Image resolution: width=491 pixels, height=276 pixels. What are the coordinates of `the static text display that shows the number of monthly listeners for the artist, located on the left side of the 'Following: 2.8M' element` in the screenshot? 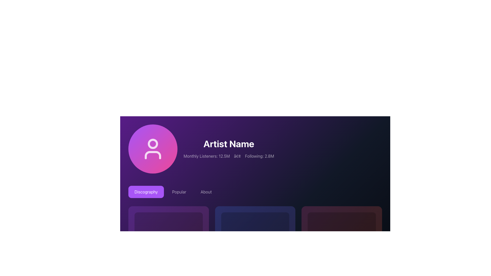 It's located at (207, 156).